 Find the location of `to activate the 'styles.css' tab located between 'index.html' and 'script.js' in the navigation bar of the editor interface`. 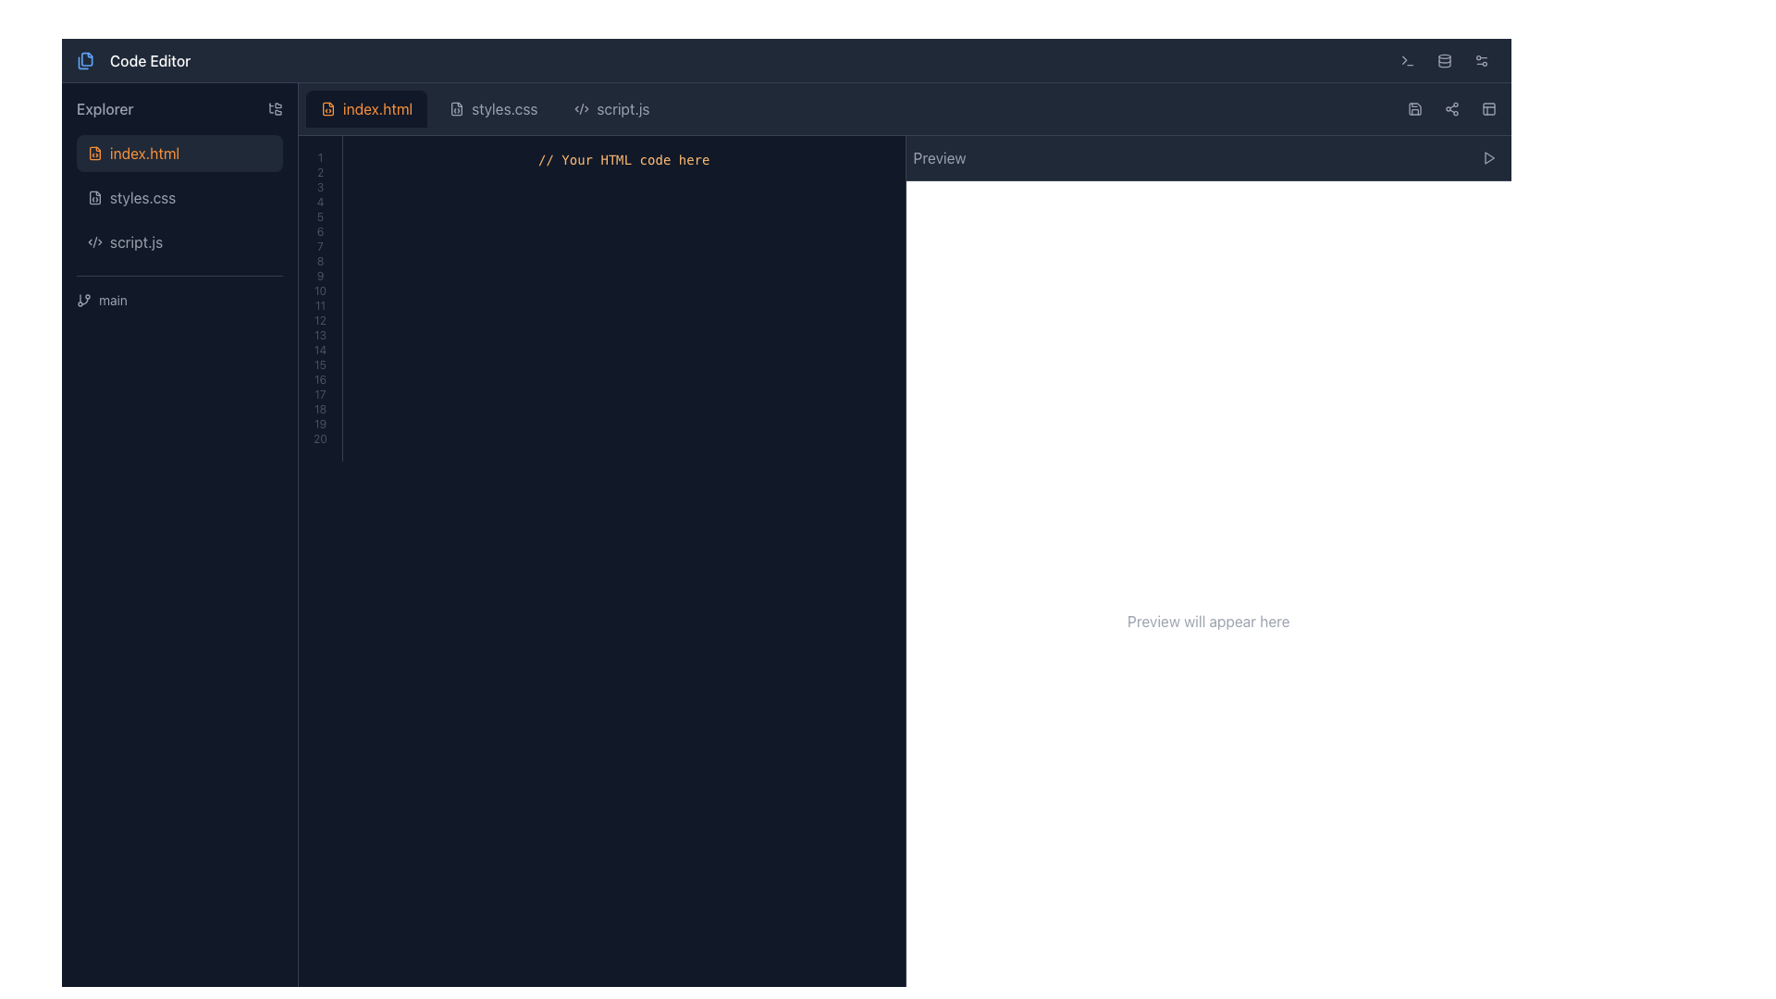

to activate the 'styles.css' tab located between 'index.html' and 'script.js' in the navigation bar of the editor interface is located at coordinates (493, 109).